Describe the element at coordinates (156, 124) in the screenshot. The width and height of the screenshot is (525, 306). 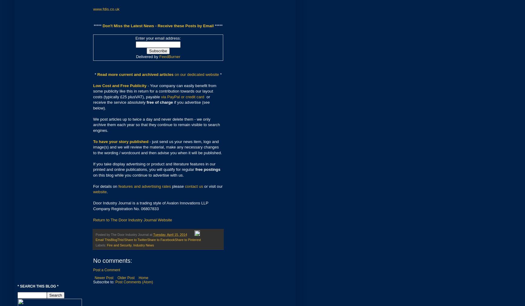
I see `'We post articles up to twice a day and never delete them - we only archive them each year so that they continue to remain visible to search engines.'` at that location.